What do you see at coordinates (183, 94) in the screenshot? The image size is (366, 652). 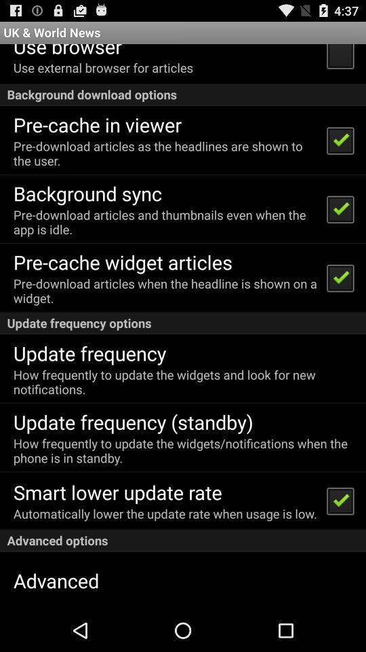 I see `background download options` at bounding box center [183, 94].